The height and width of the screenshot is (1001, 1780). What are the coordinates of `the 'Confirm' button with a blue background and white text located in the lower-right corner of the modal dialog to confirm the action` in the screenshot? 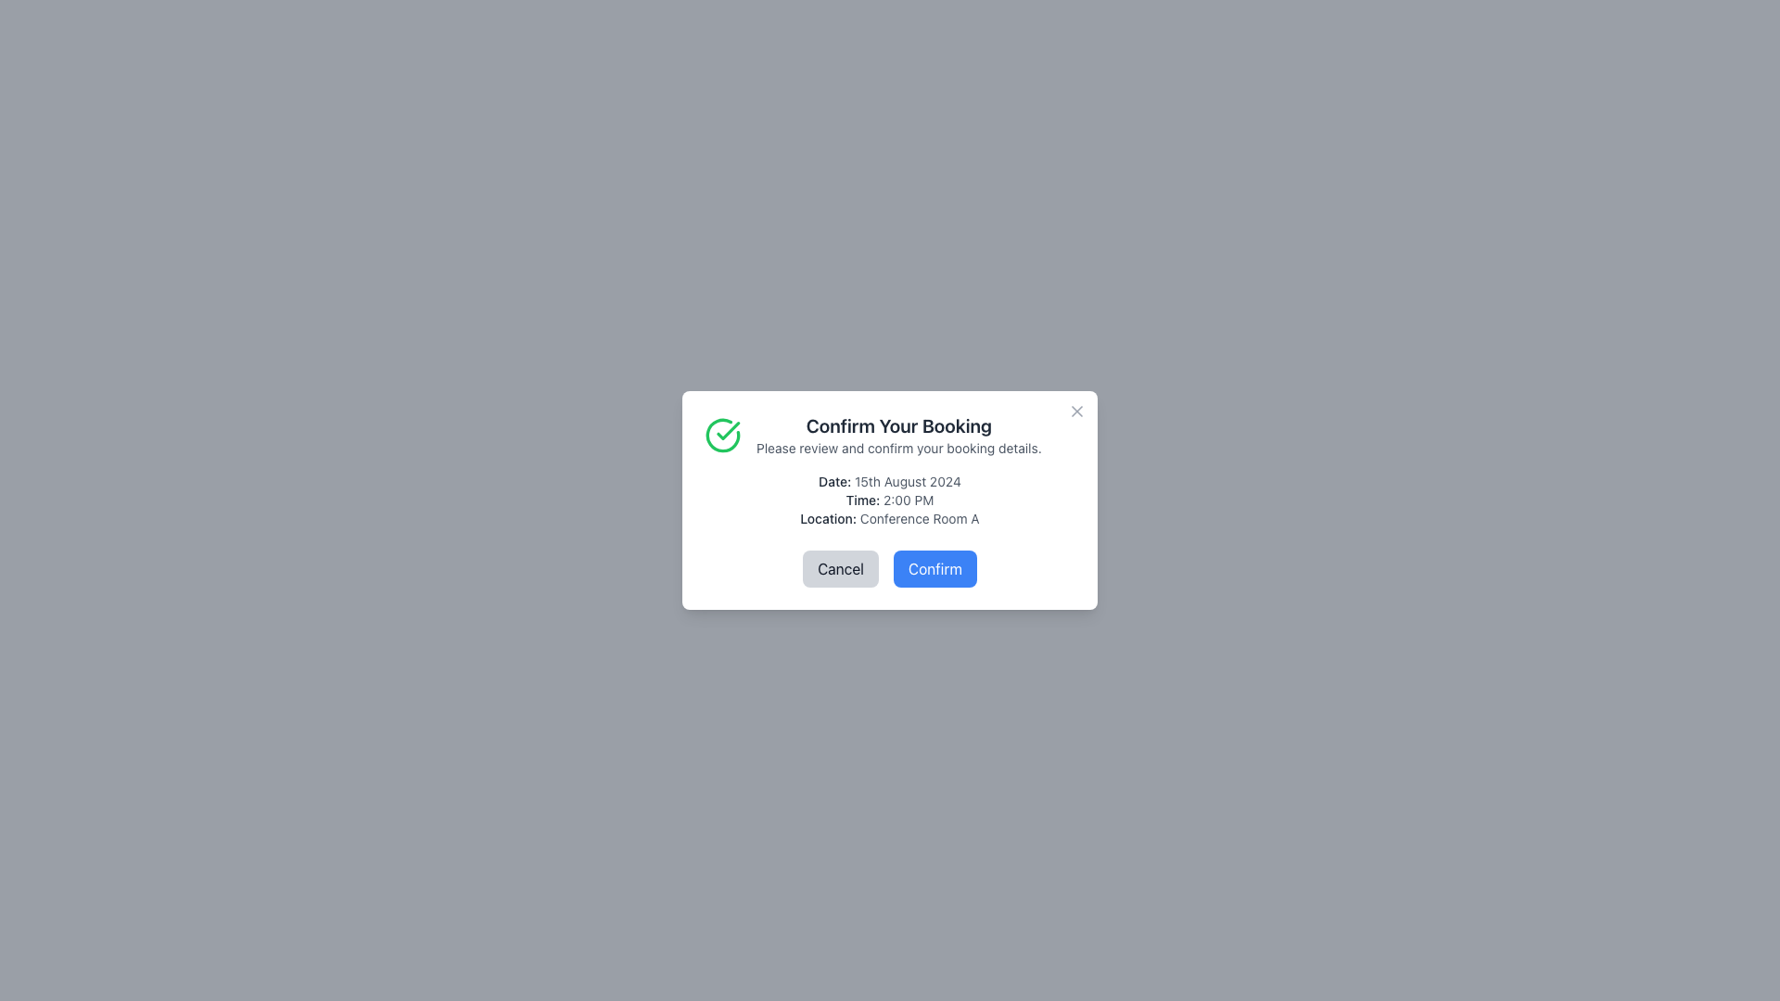 It's located at (934, 567).